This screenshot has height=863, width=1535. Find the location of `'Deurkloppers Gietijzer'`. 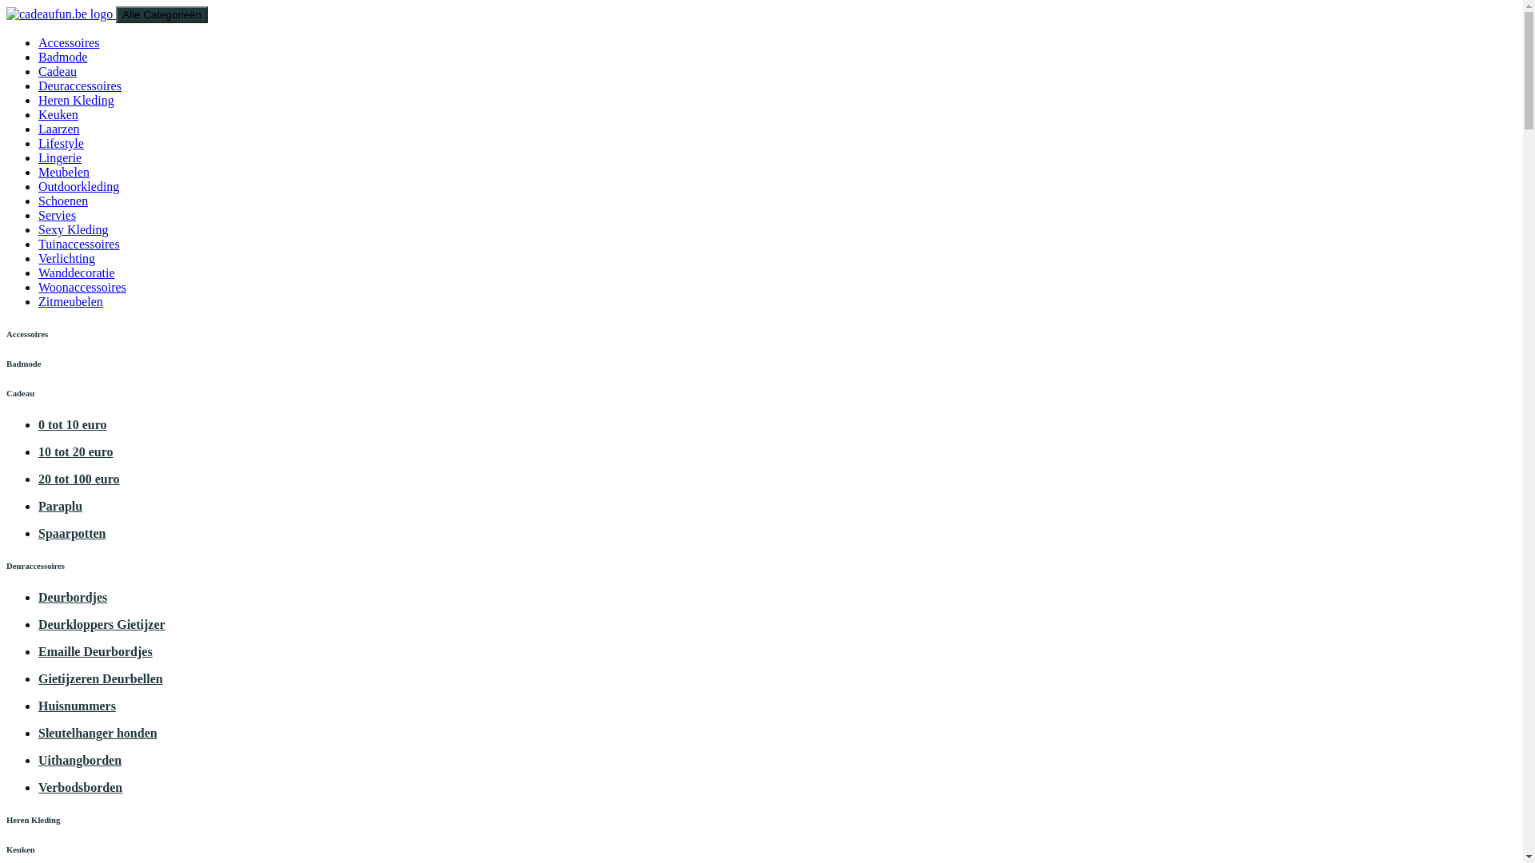

'Deurkloppers Gietijzer' is located at coordinates (101, 623).